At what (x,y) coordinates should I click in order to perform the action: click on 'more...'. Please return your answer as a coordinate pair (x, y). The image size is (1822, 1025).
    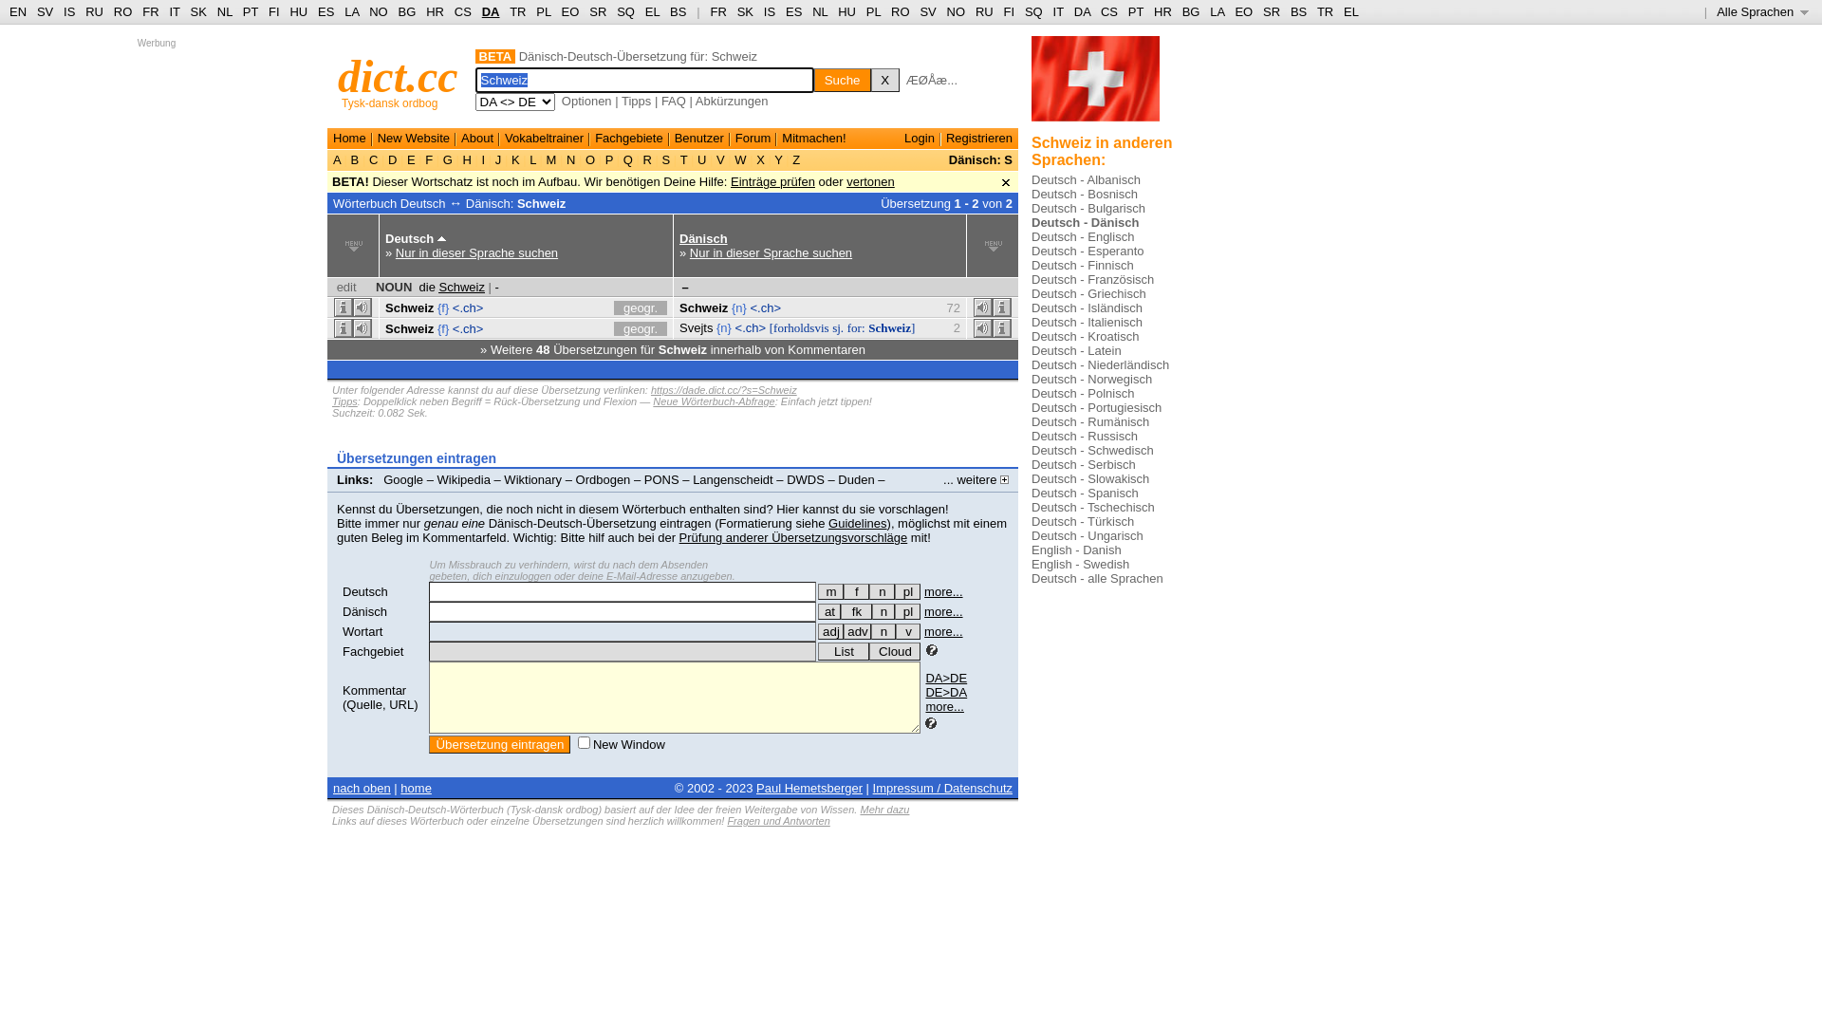
    Looking at the image, I should click on (942, 611).